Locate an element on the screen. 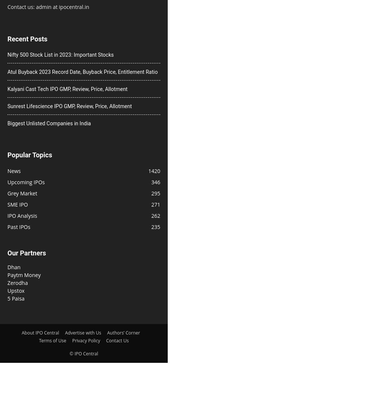 This screenshot has height=399, width=369. 'News' is located at coordinates (13, 170).